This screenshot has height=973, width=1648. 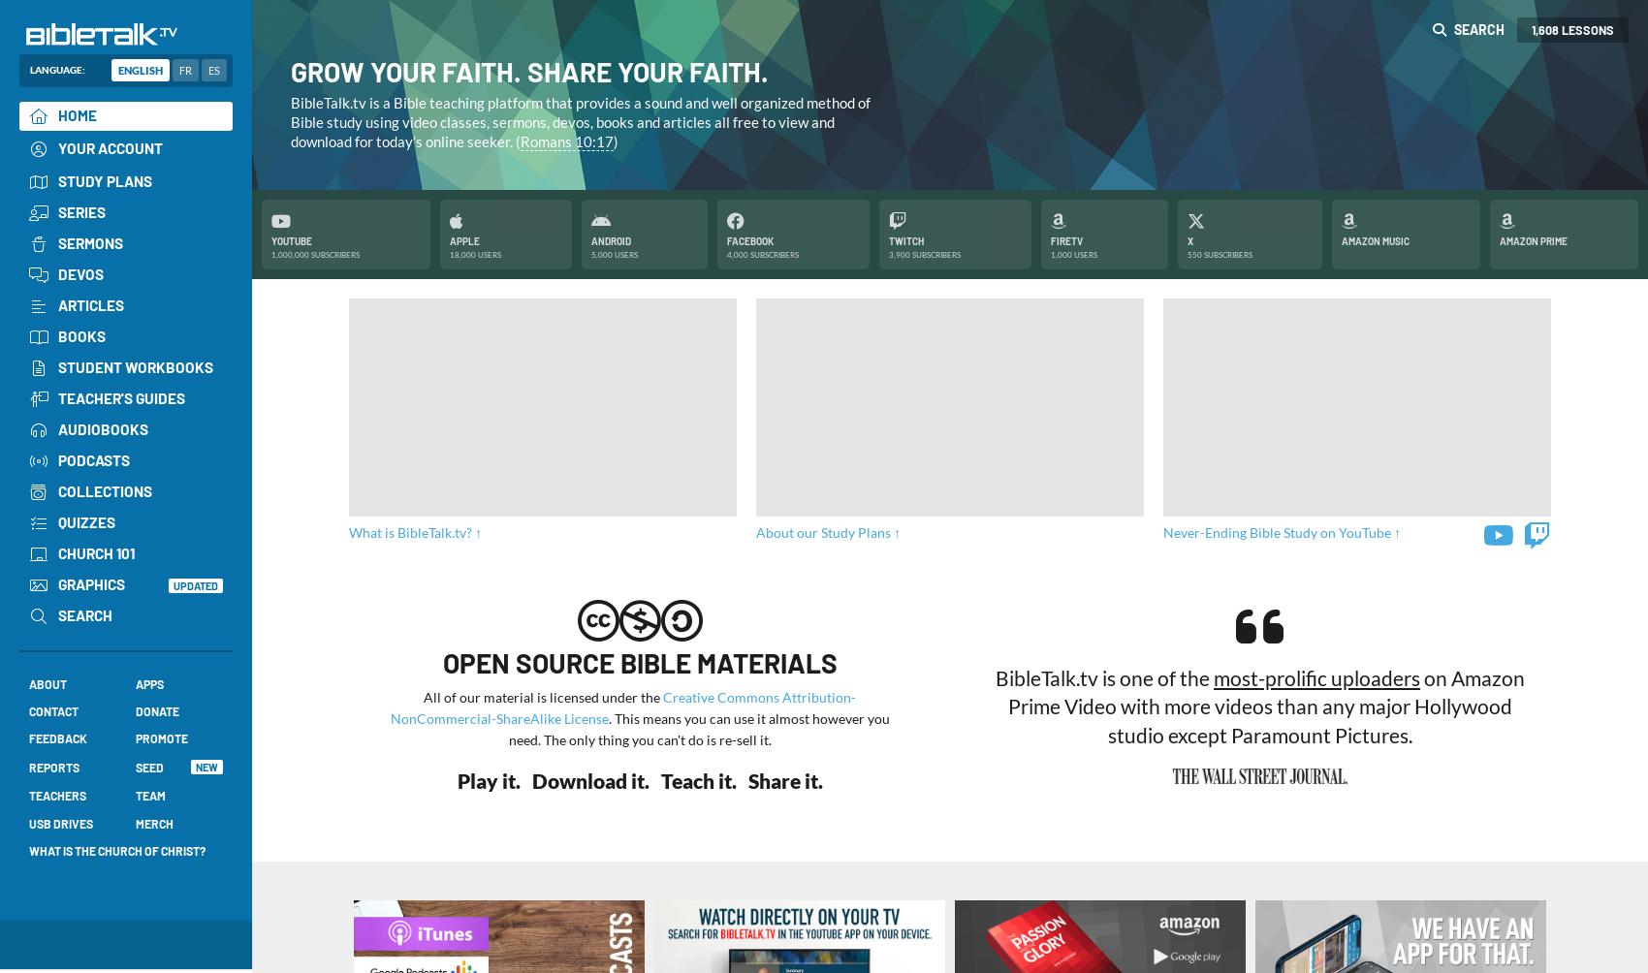 I want to click on 'Team', so click(x=149, y=795).